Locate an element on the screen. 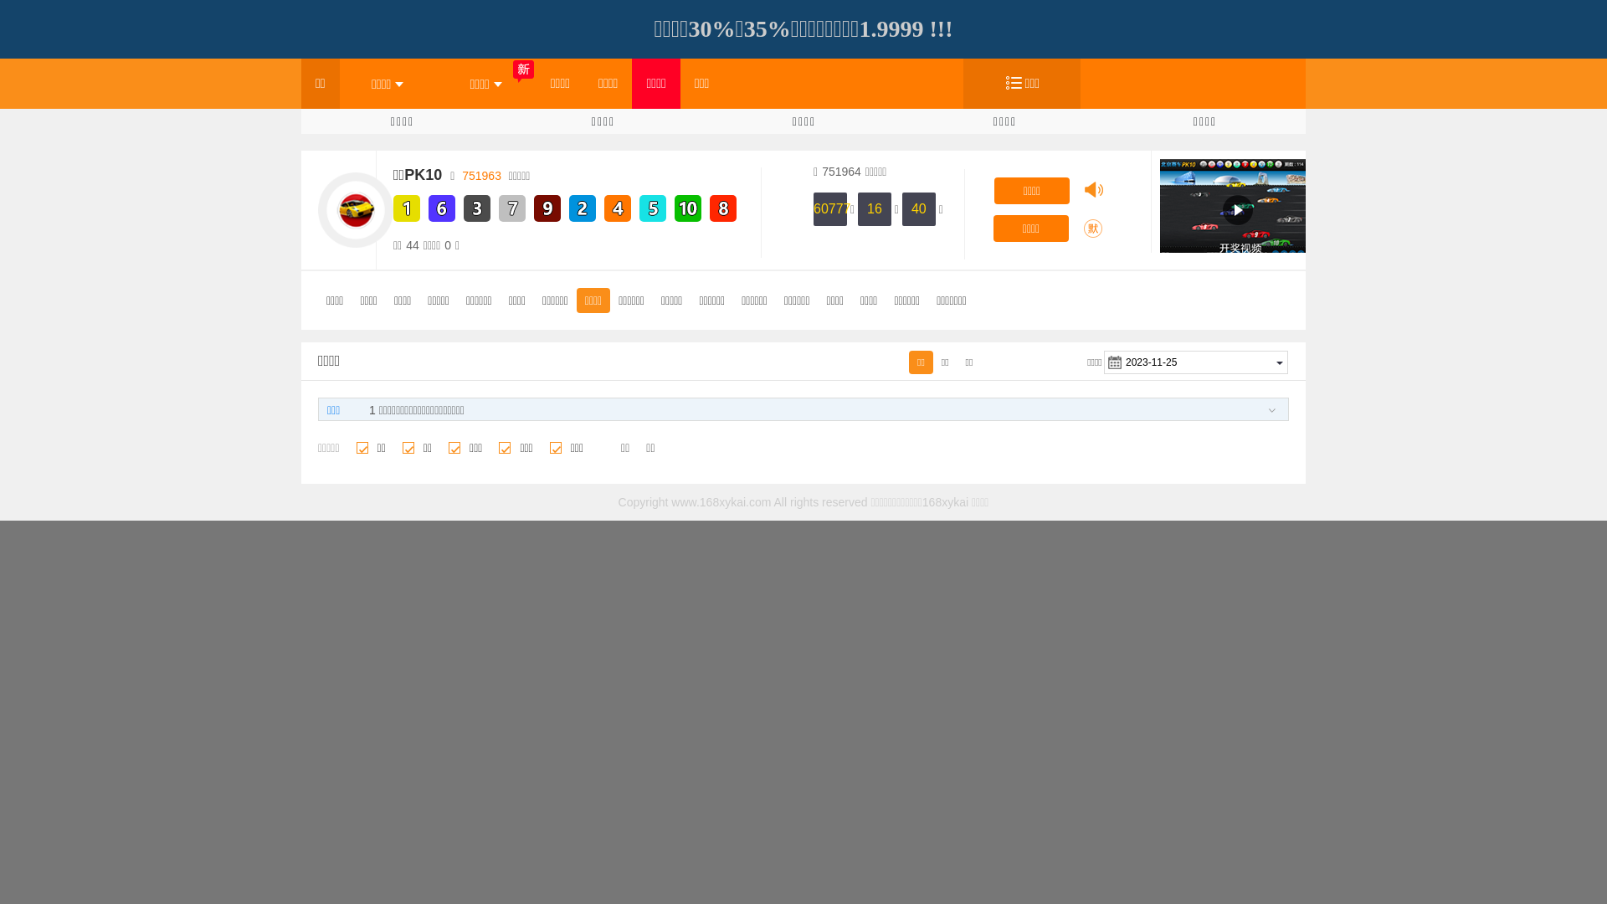  'www.168xykai.com' is located at coordinates (721, 501).